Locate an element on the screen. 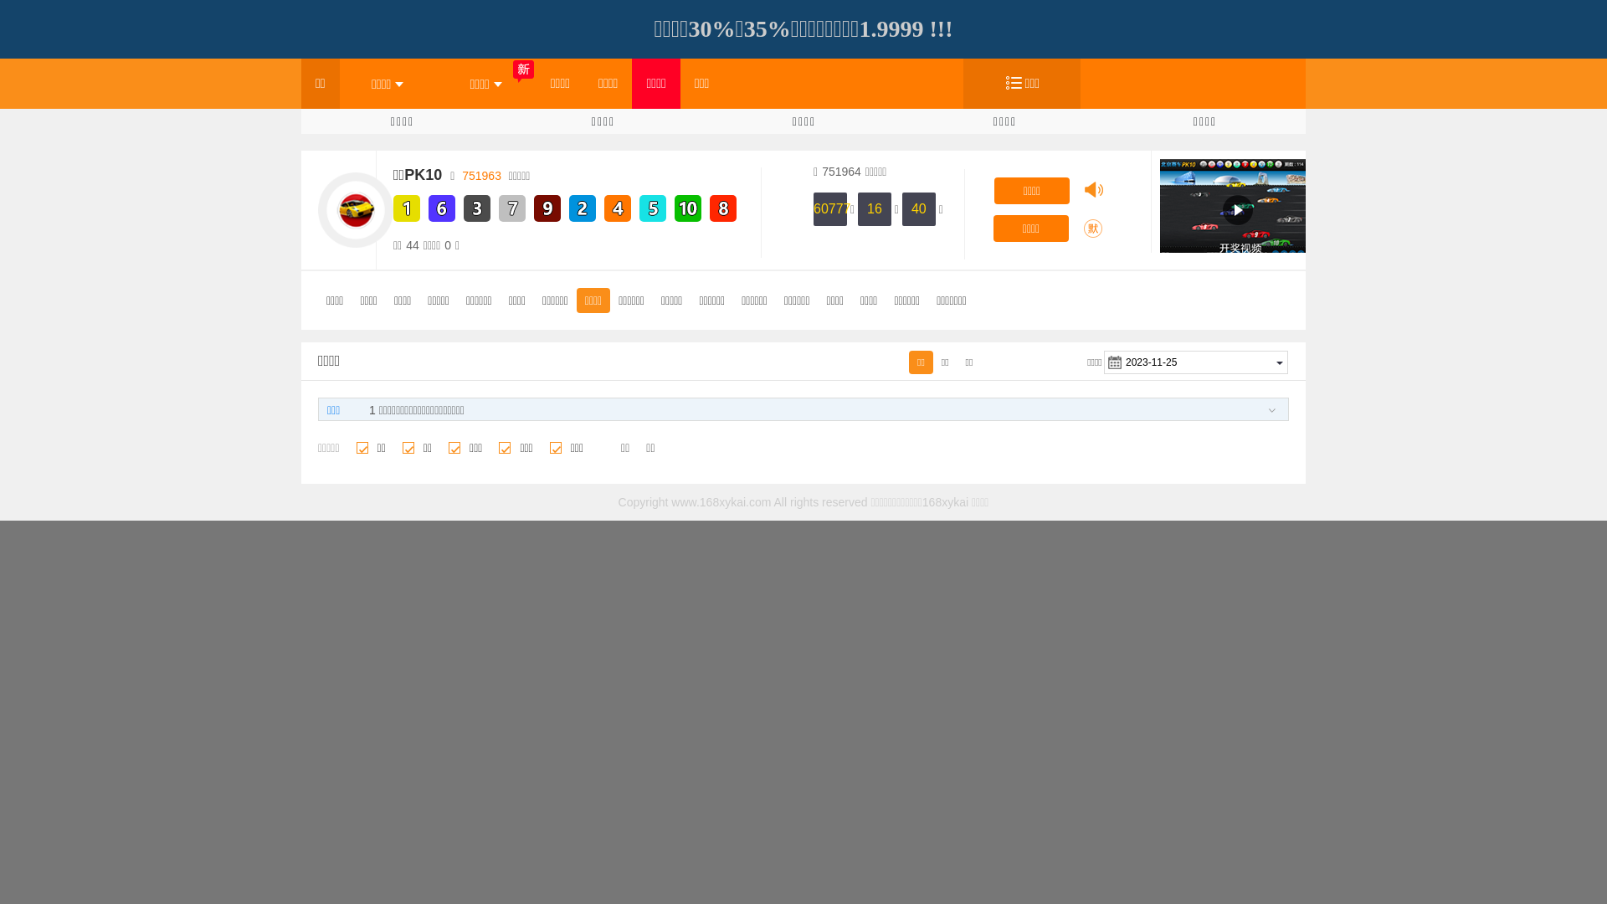  'www.168xykai.com' is located at coordinates (721, 501).